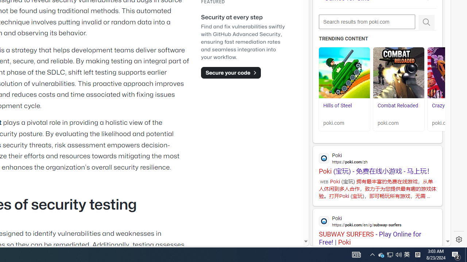 This screenshot has height=262, width=467. Describe the element at coordinates (398, 73) in the screenshot. I see `'Combat Reloaded'` at that location.